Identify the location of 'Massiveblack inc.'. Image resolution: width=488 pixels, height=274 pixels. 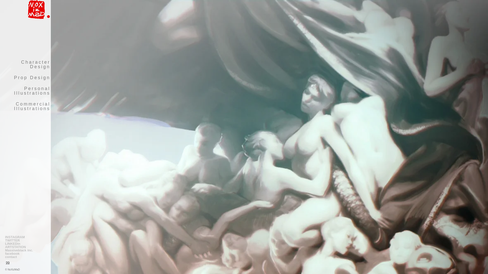
(25, 250).